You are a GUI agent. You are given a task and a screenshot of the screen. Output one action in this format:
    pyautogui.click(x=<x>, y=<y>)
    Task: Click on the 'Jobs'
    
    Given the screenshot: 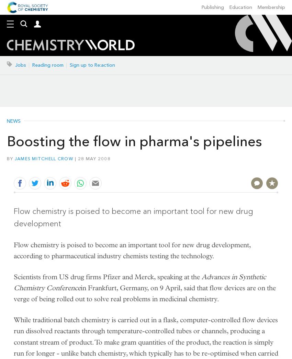 What is the action you would take?
    pyautogui.click(x=15, y=65)
    